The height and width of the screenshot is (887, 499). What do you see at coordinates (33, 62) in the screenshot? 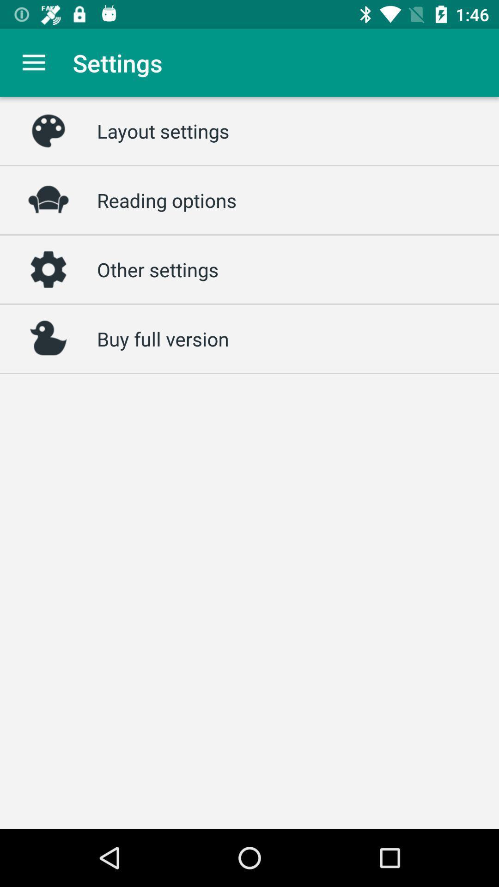
I see `the item to the left of the settings item` at bounding box center [33, 62].